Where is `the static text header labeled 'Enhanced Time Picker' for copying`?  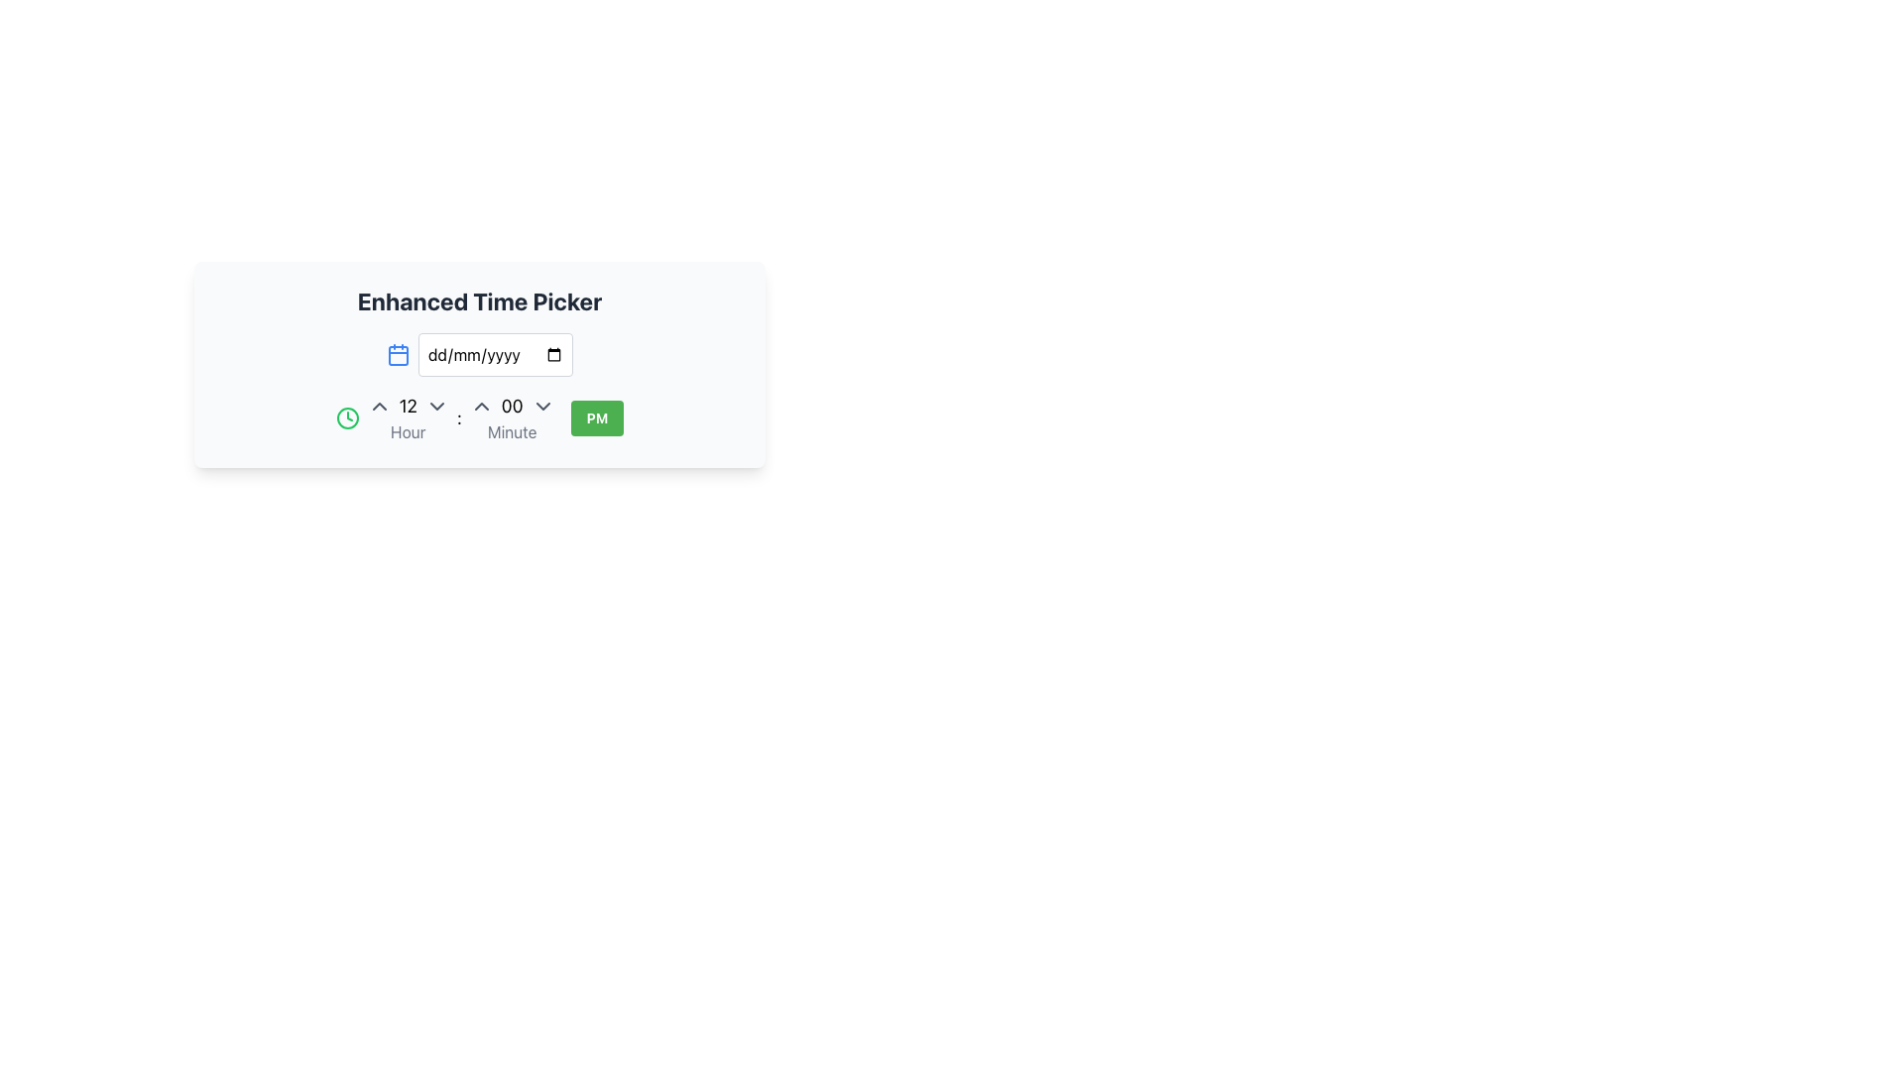 the static text header labeled 'Enhanced Time Picker' for copying is located at coordinates (480, 301).